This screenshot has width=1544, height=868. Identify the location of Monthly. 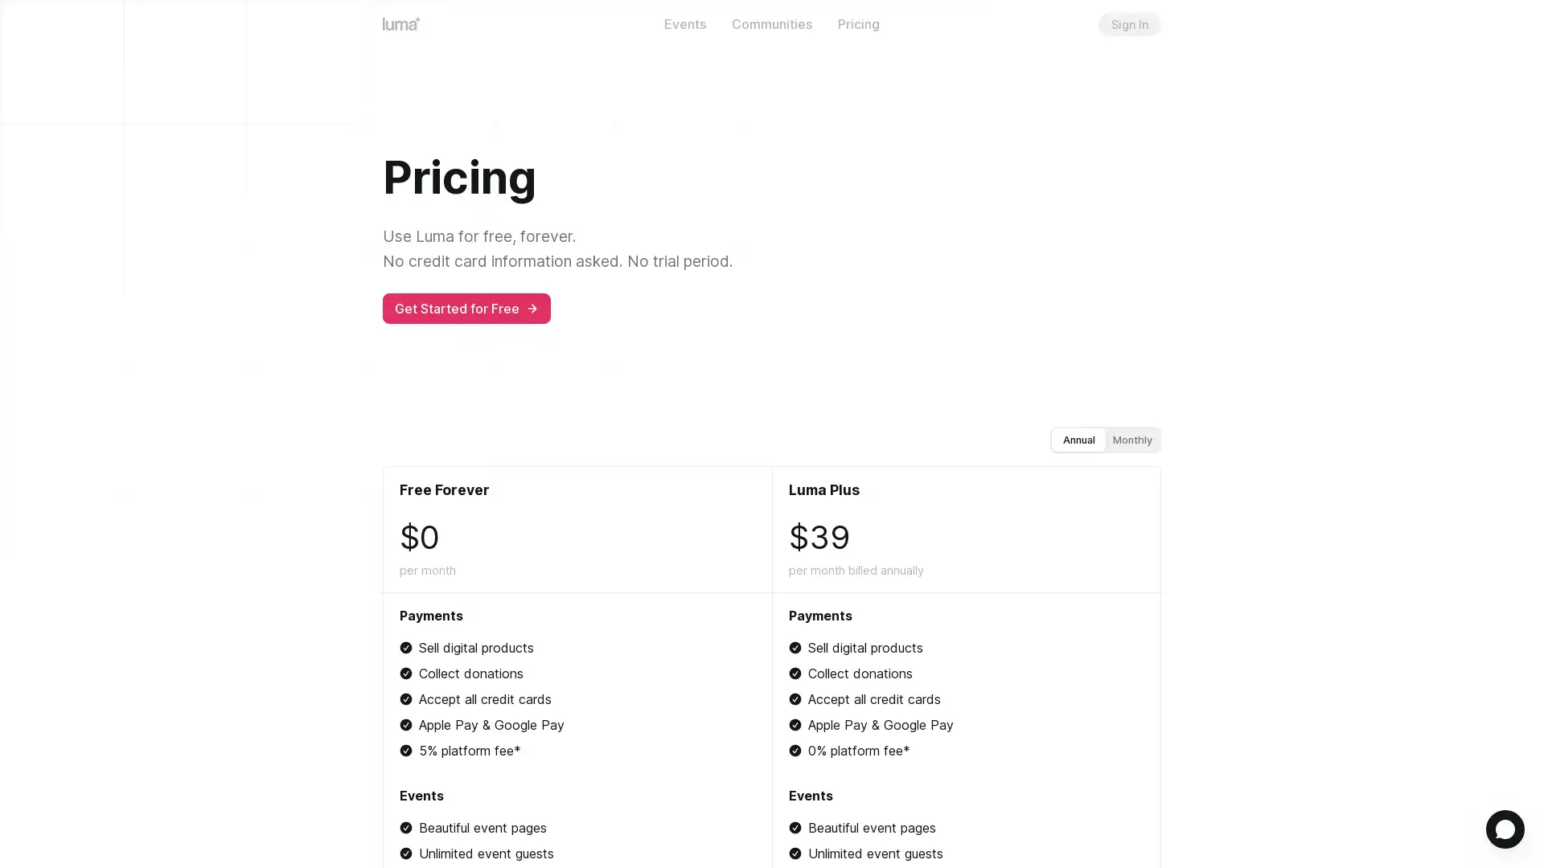
(1131, 439).